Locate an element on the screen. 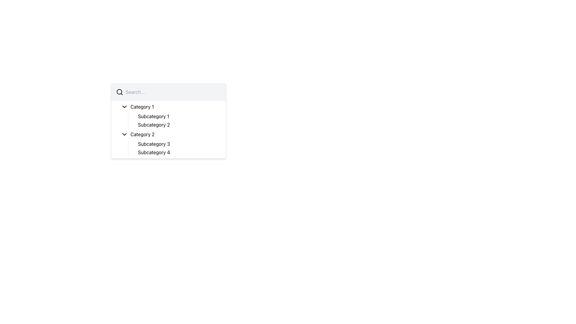  the text label displaying 'Subcategory 2', which is styled in black font and positioned as the second subcategory under 'Category 1' is located at coordinates (154, 124).